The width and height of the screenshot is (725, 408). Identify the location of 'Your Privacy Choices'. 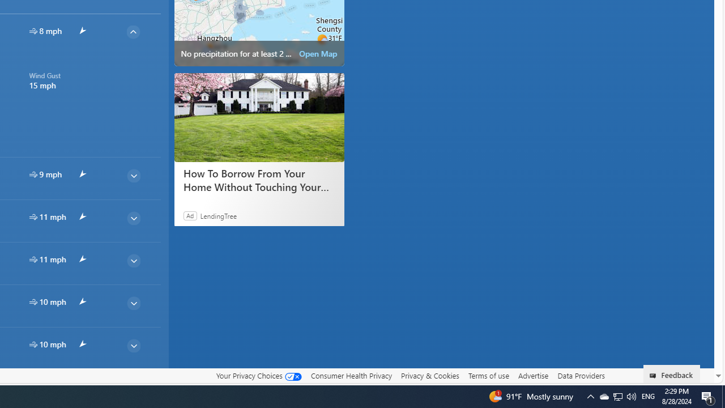
(258, 375).